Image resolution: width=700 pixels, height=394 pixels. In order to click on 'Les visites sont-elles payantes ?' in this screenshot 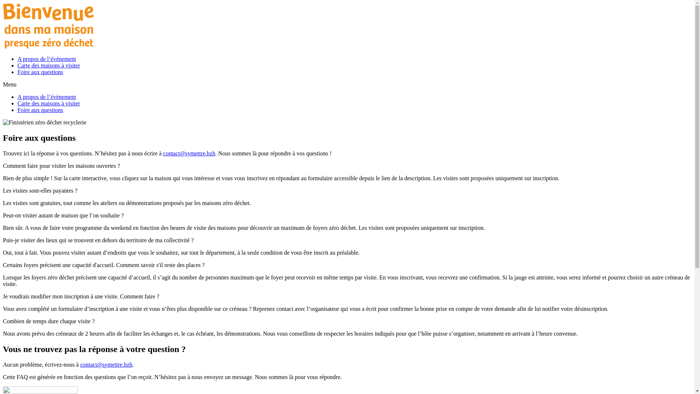, I will do `click(3, 190)`.